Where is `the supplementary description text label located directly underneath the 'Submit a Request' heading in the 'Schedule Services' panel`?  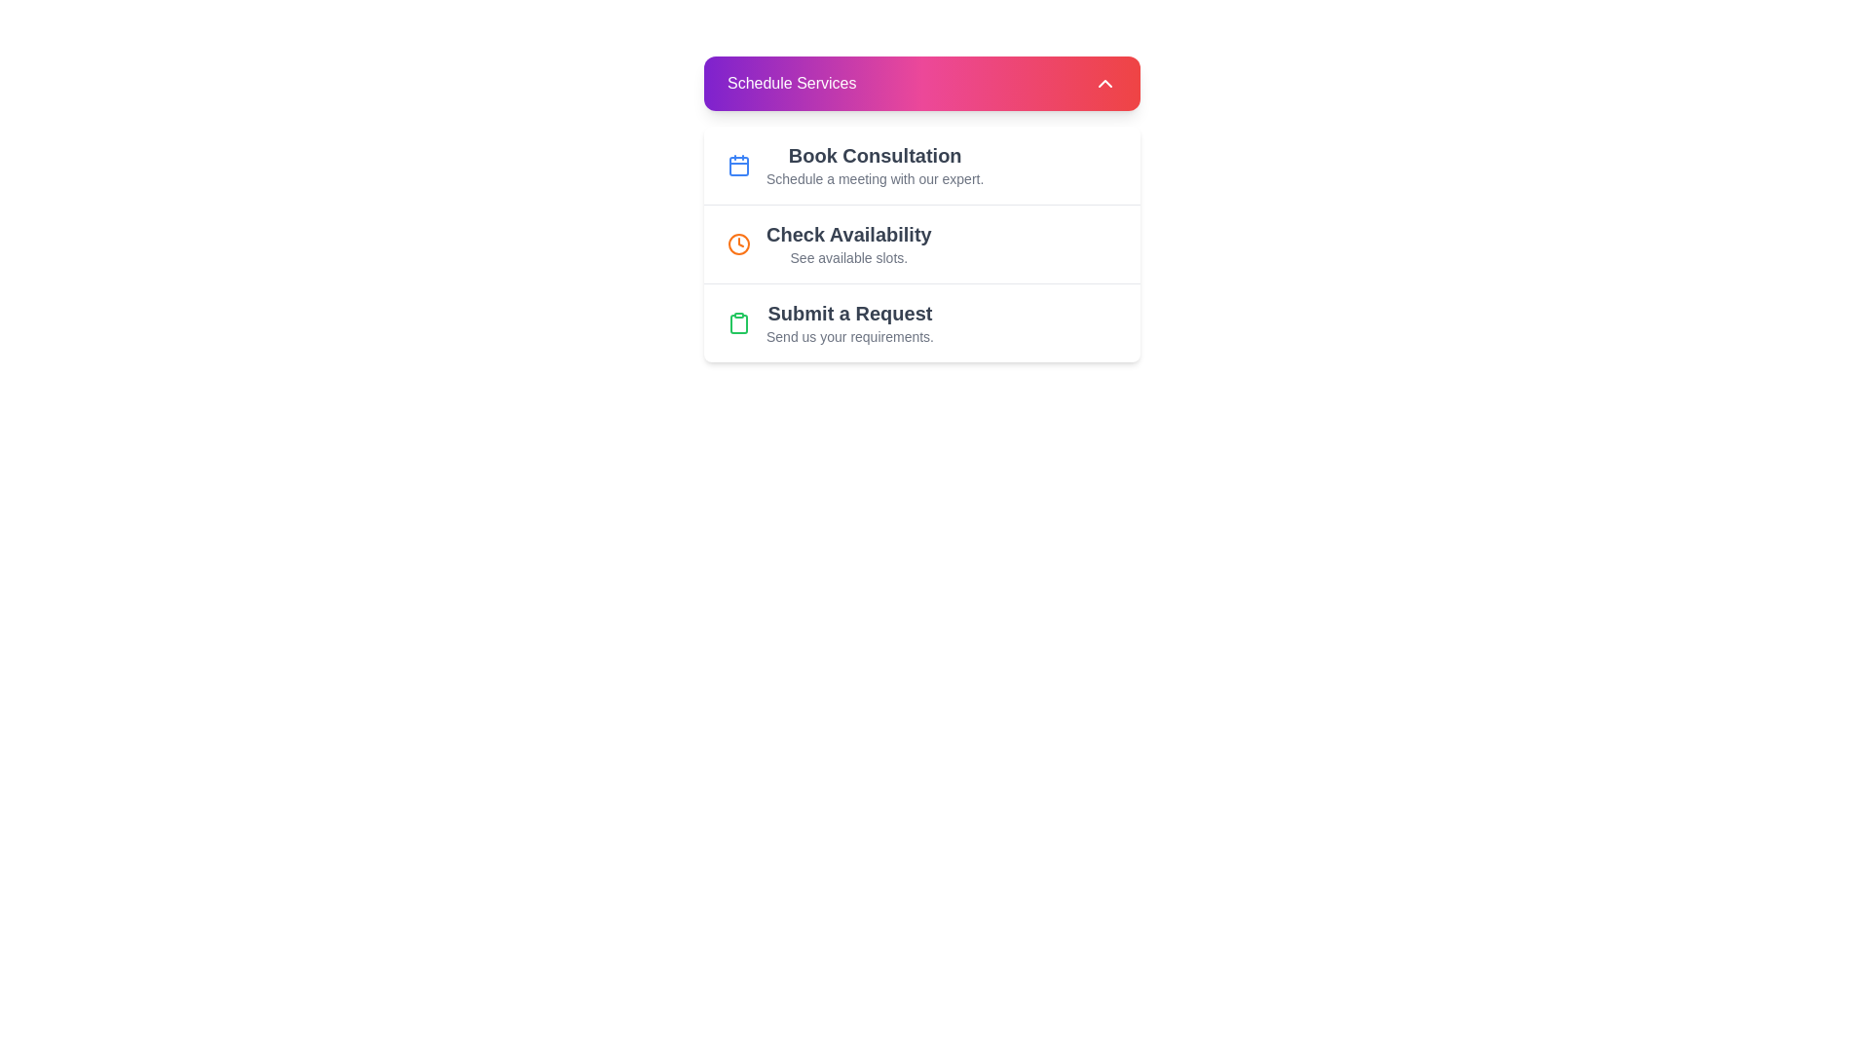
the supplementary description text label located directly underneath the 'Submit a Request' heading in the 'Schedule Services' panel is located at coordinates (850, 336).